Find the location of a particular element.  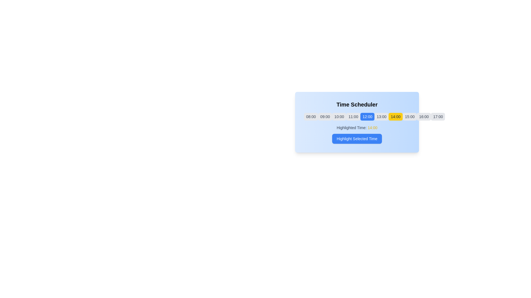

the 'Time Scheduler' text label, which is a bold heading centered at the top of a card-style panel with a blue gradient background is located at coordinates (357, 104).